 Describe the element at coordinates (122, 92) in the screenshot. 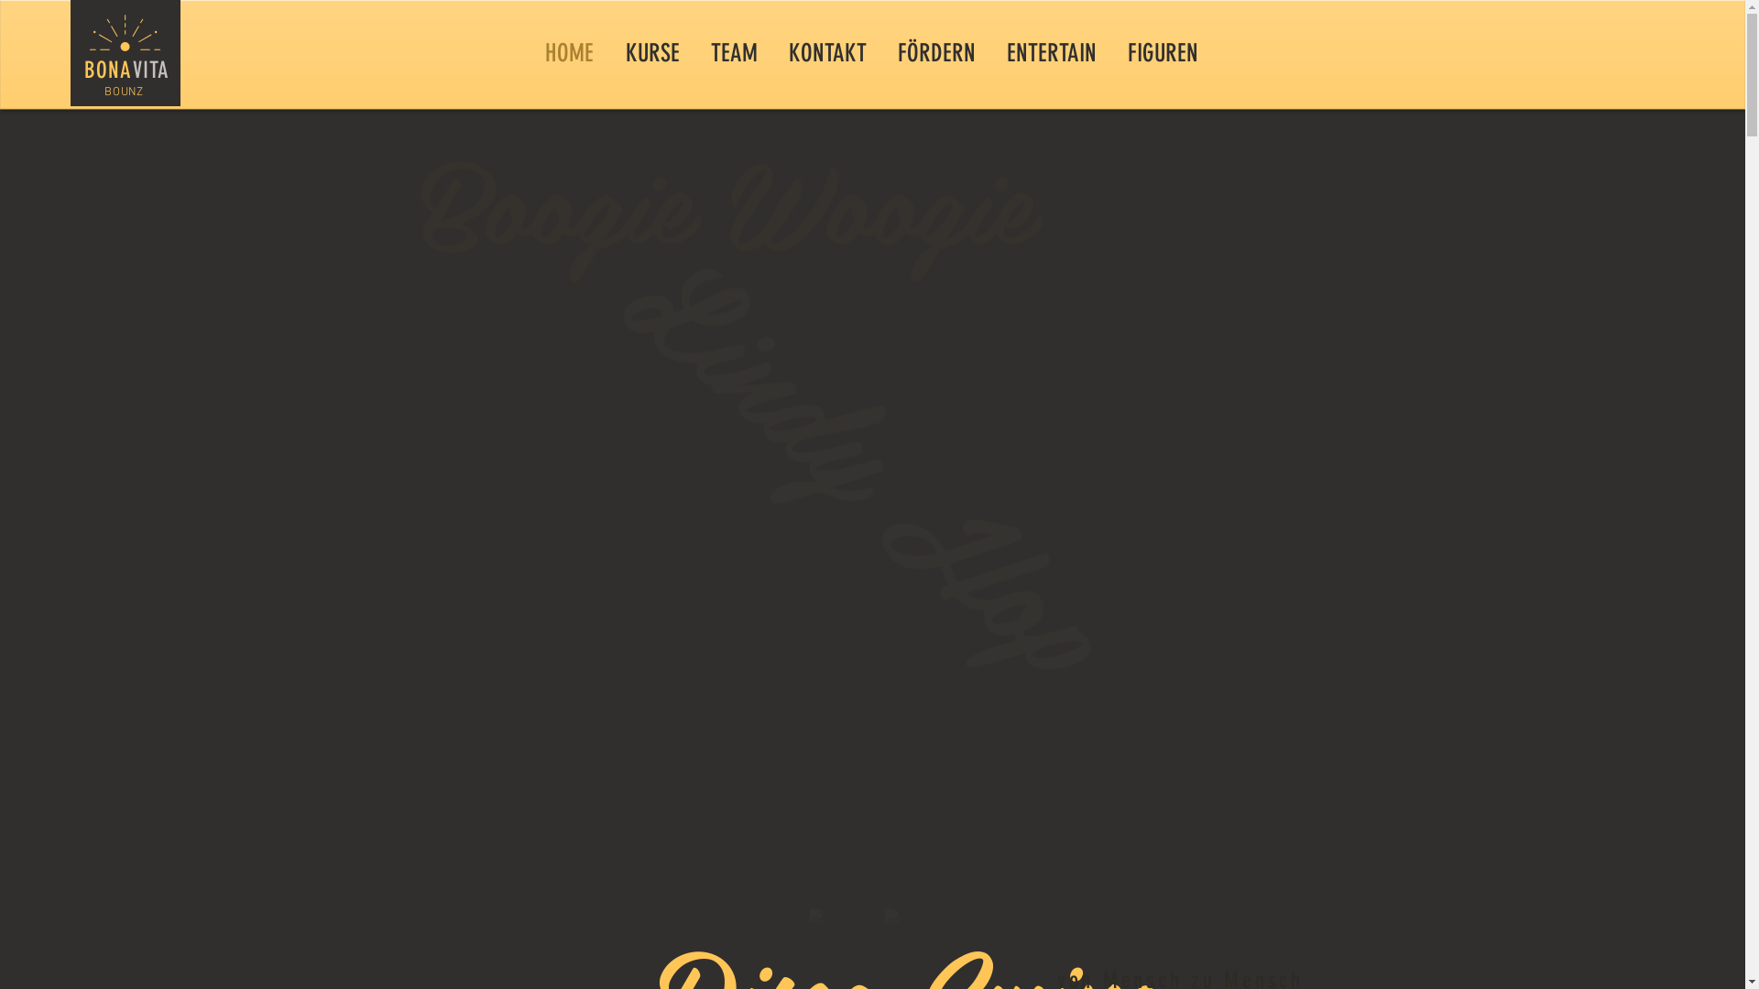

I see `'BOUNZ'` at that location.